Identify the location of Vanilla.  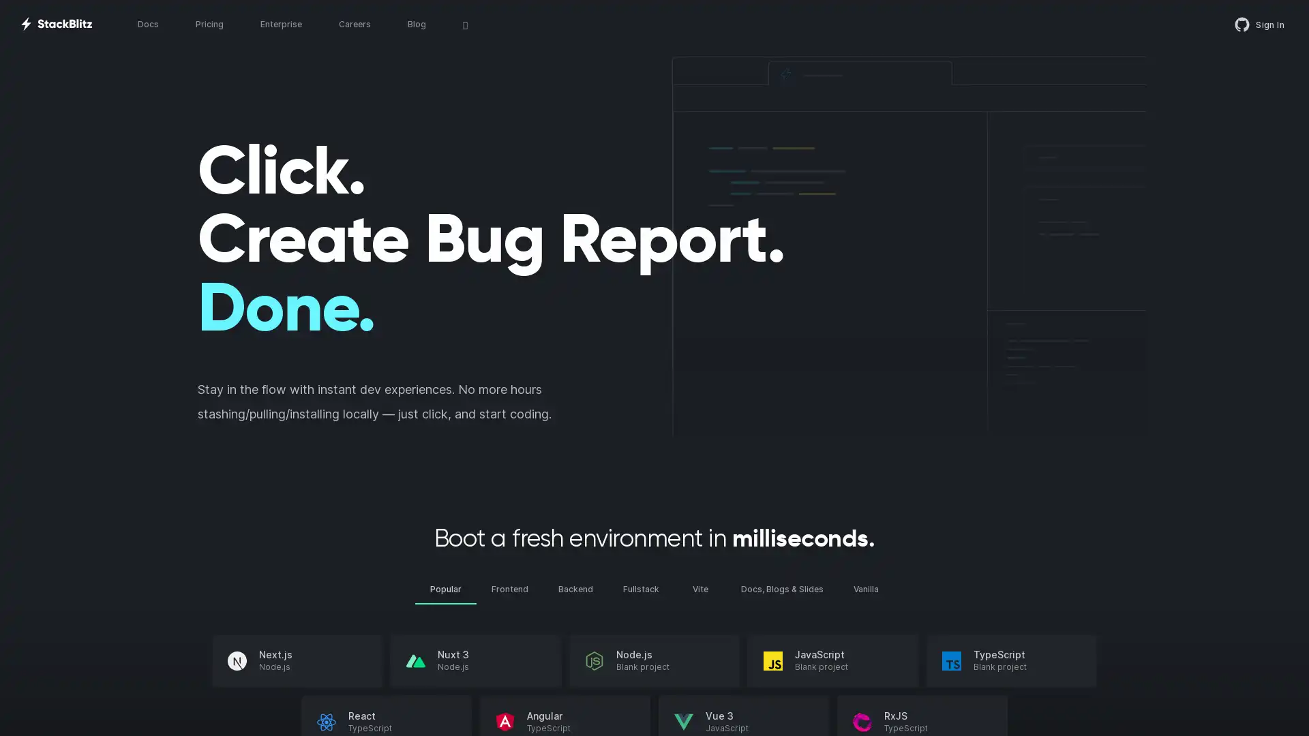
(865, 588).